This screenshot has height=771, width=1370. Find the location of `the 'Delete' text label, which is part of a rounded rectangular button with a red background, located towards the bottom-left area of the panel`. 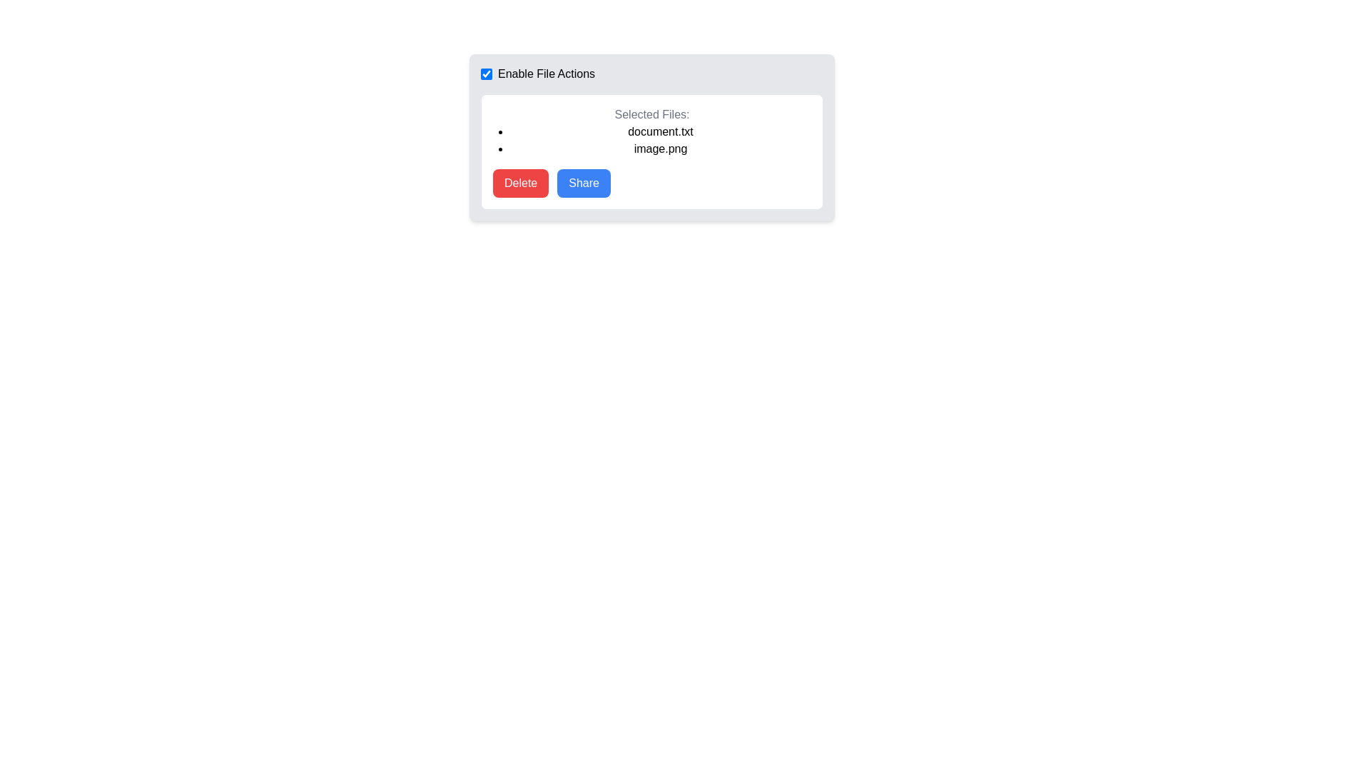

the 'Delete' text label, which is part of a rounded rectangular button with a red background, located towards the bottom-left area of the panel is located at coordinates (520, 183).